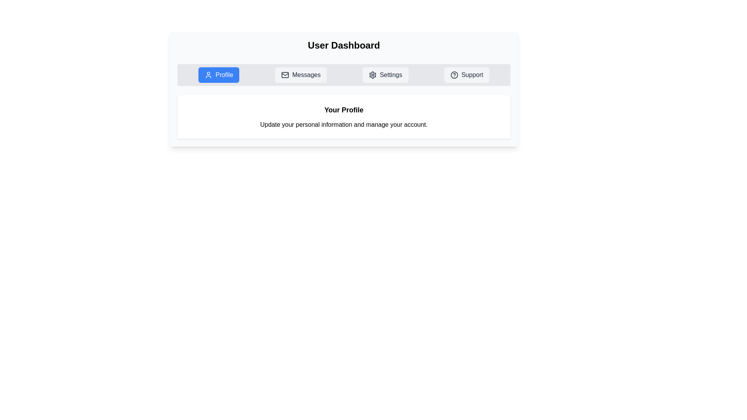  What do you see at coordinates (372, 75) in the screenshot?
I see `the settings icon located in the navigation bar, which is the third menu option from the left, representing tools or configuration options` at bounding box center [372, 75].